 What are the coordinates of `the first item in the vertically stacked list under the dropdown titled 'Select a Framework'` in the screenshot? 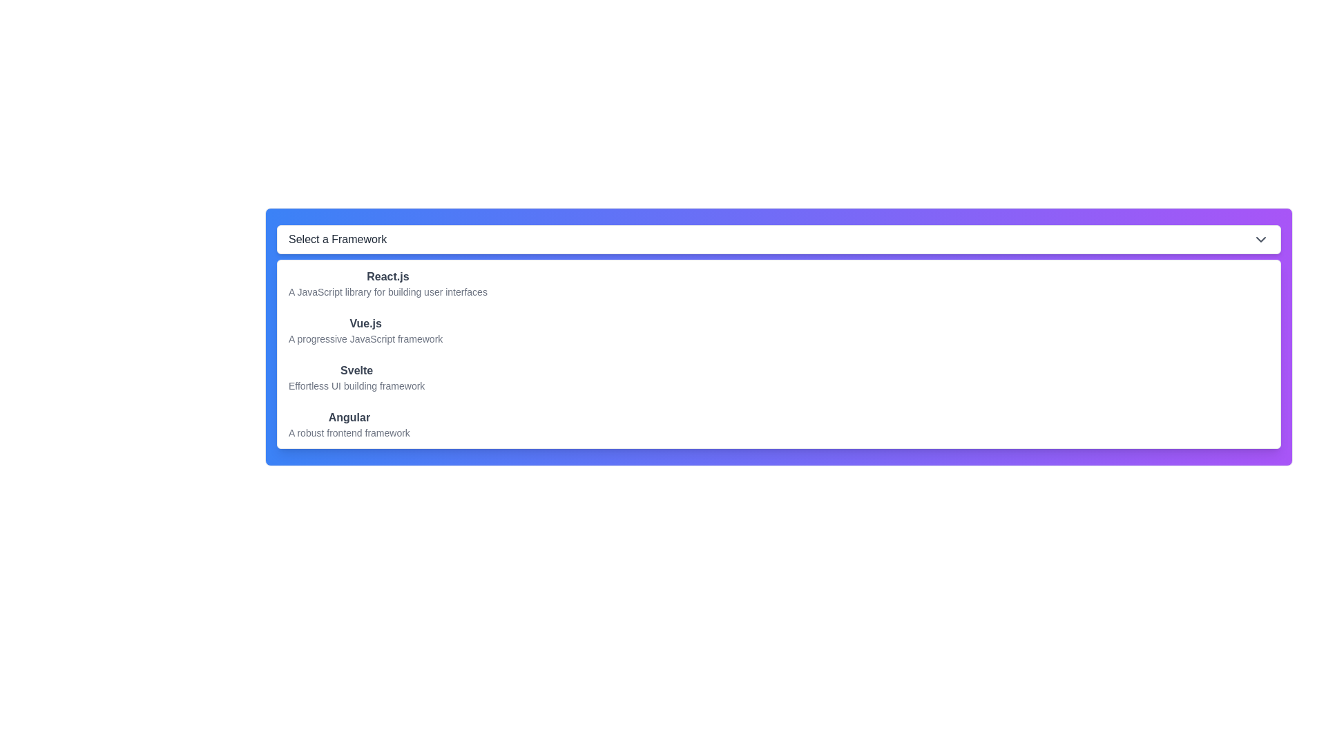 It's located at (387, 283).